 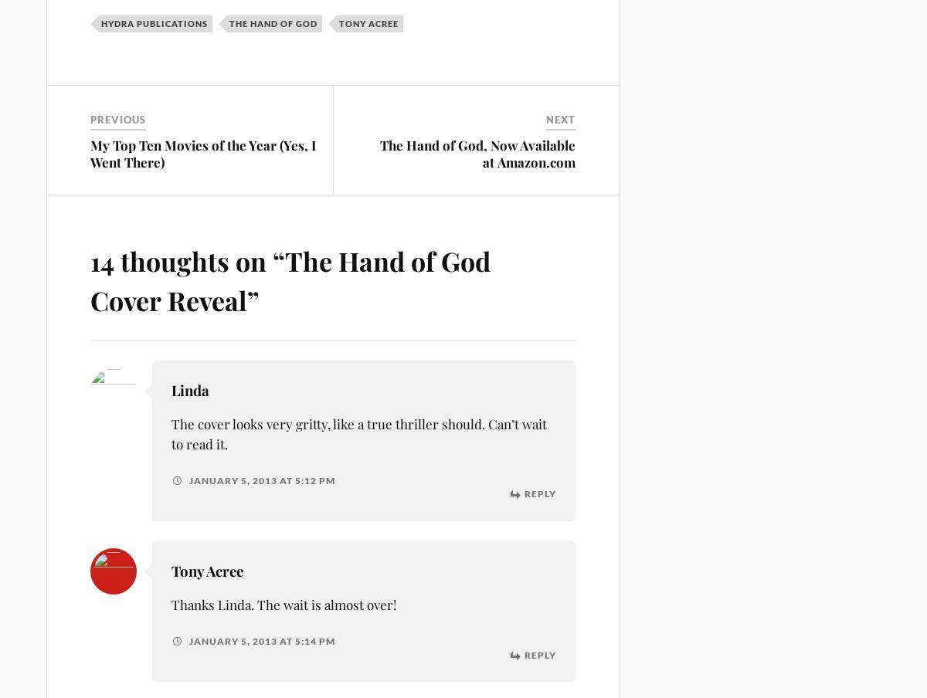 What do you see at coordinates (273, 22) in the screenshot?
I see `'The Hand of God'` at bounding box center [273, 22].